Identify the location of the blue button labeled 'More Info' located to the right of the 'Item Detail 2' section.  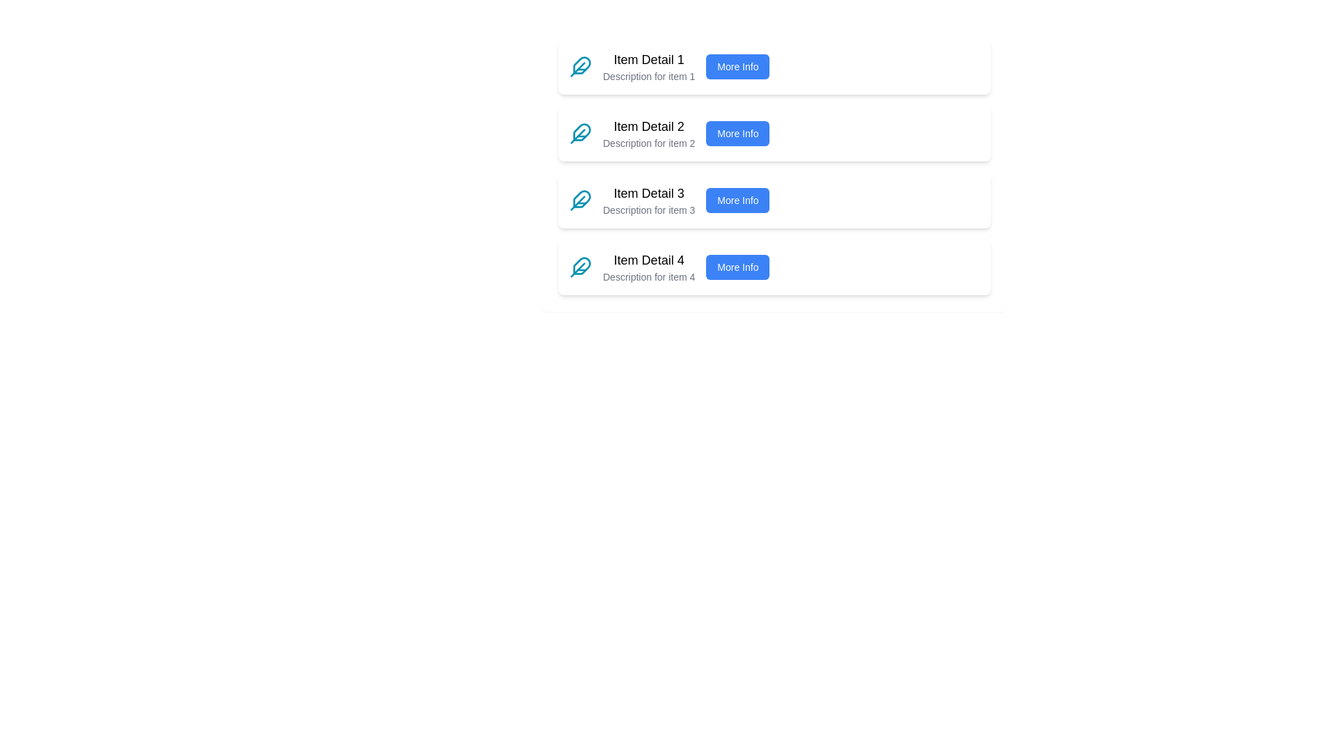
(737, 134).